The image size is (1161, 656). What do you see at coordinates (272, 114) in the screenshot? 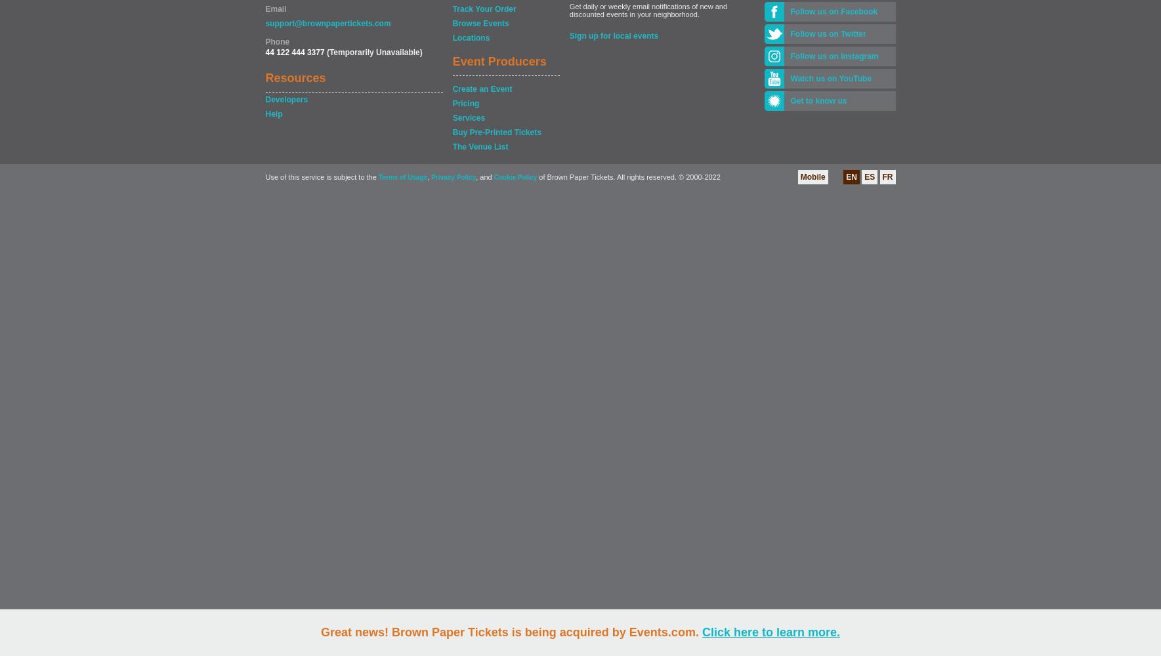
I see `'Help'` at bounding box center [272, 114].